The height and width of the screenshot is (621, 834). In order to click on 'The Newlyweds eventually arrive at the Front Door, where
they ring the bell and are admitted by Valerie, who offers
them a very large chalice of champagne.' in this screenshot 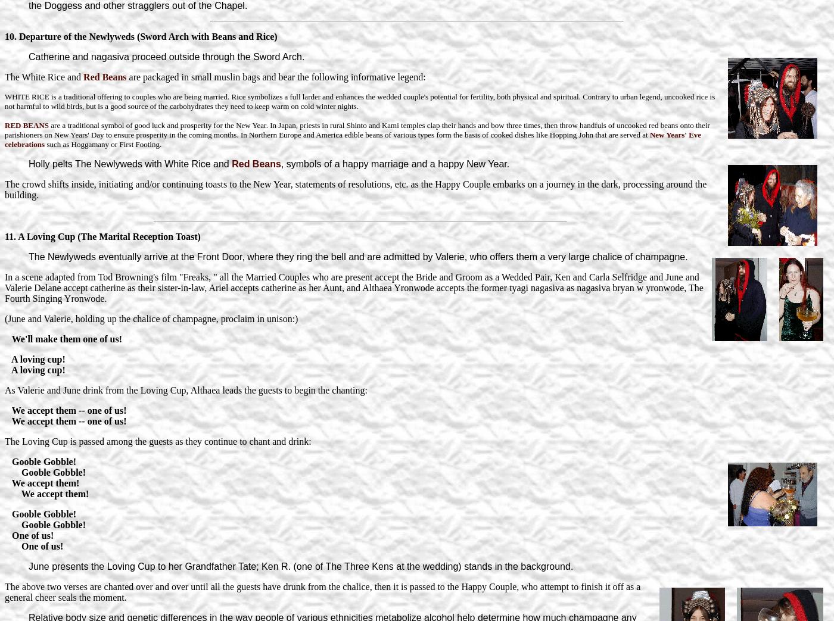, I will do `click(358, 256)`.